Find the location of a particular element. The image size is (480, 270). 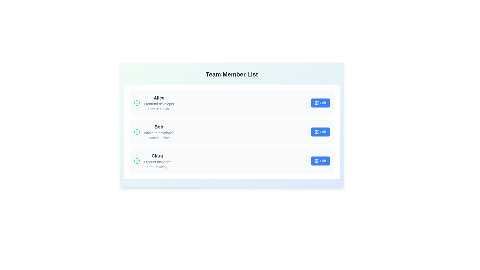

'Edit' button for the user Bob is located at coordinates (320, 132).